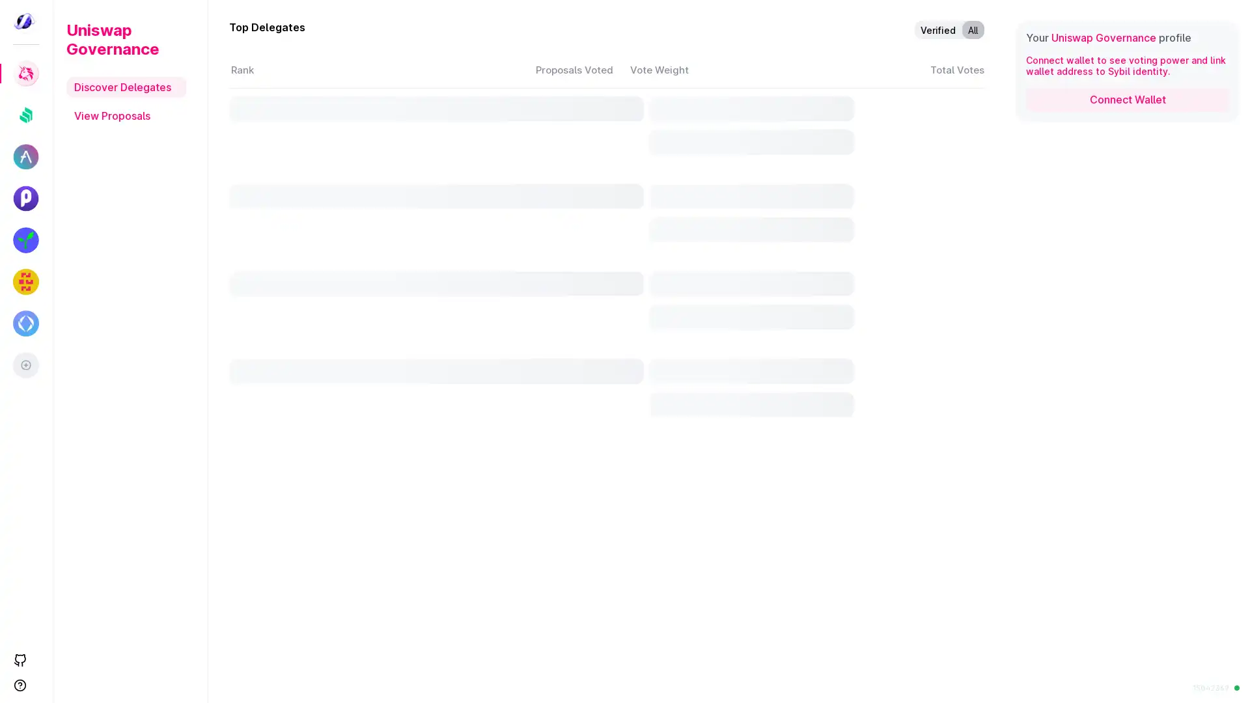 The image size is (1250, 703). Describe the element at coordinates (863, 432) in the screenshot. I see `Delegate` at that location.